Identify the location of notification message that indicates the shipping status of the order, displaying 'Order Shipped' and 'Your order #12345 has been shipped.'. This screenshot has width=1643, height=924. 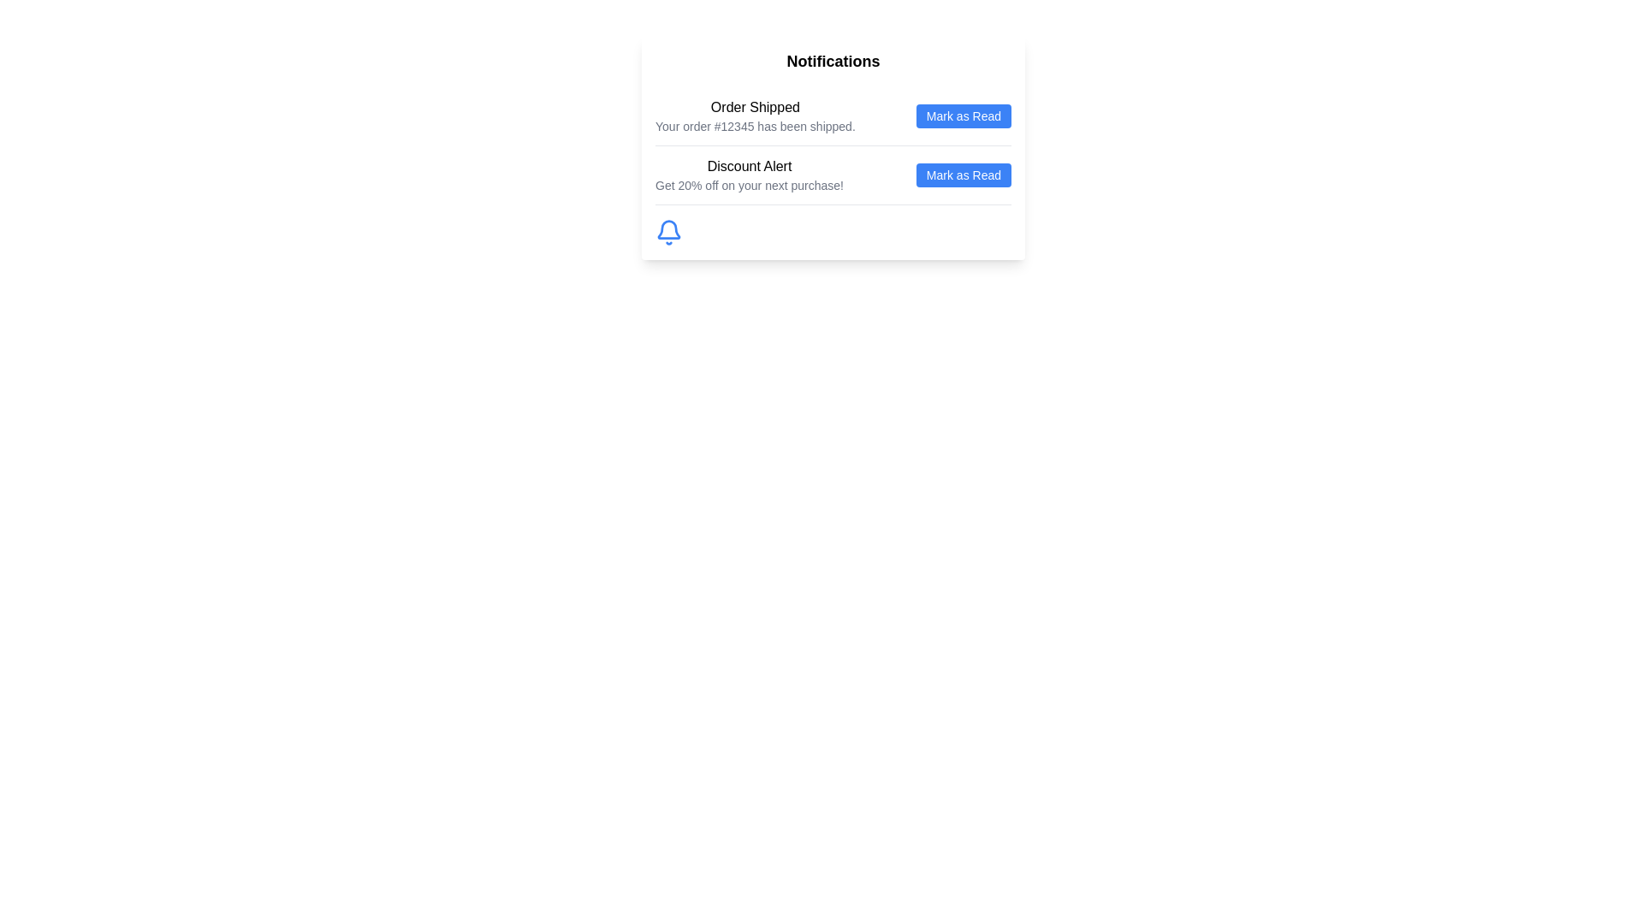
(754, 115).